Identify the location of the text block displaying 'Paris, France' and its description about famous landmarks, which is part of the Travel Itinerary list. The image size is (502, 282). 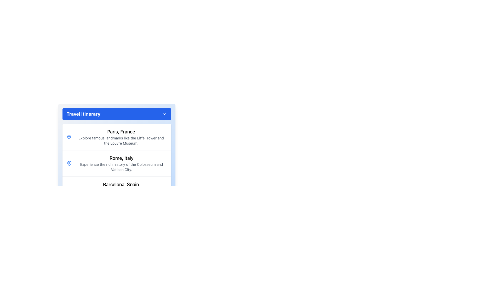
(121, 137).